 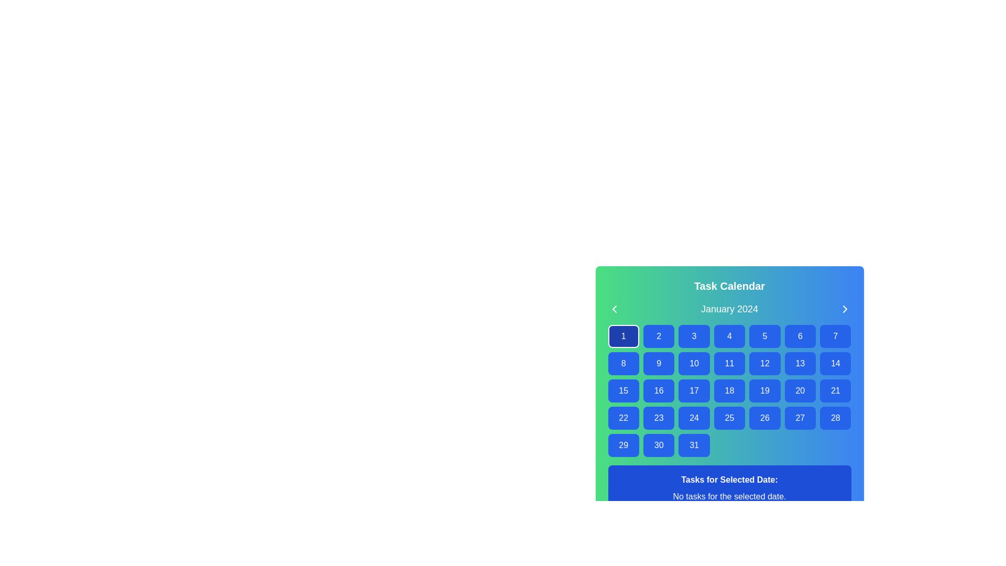 I want to click on the blue button with the numeral '16' inside it, located at the third row and second column of the calendar interface under 'Task Calendar' for January 2024, so click(x=658, y=390).